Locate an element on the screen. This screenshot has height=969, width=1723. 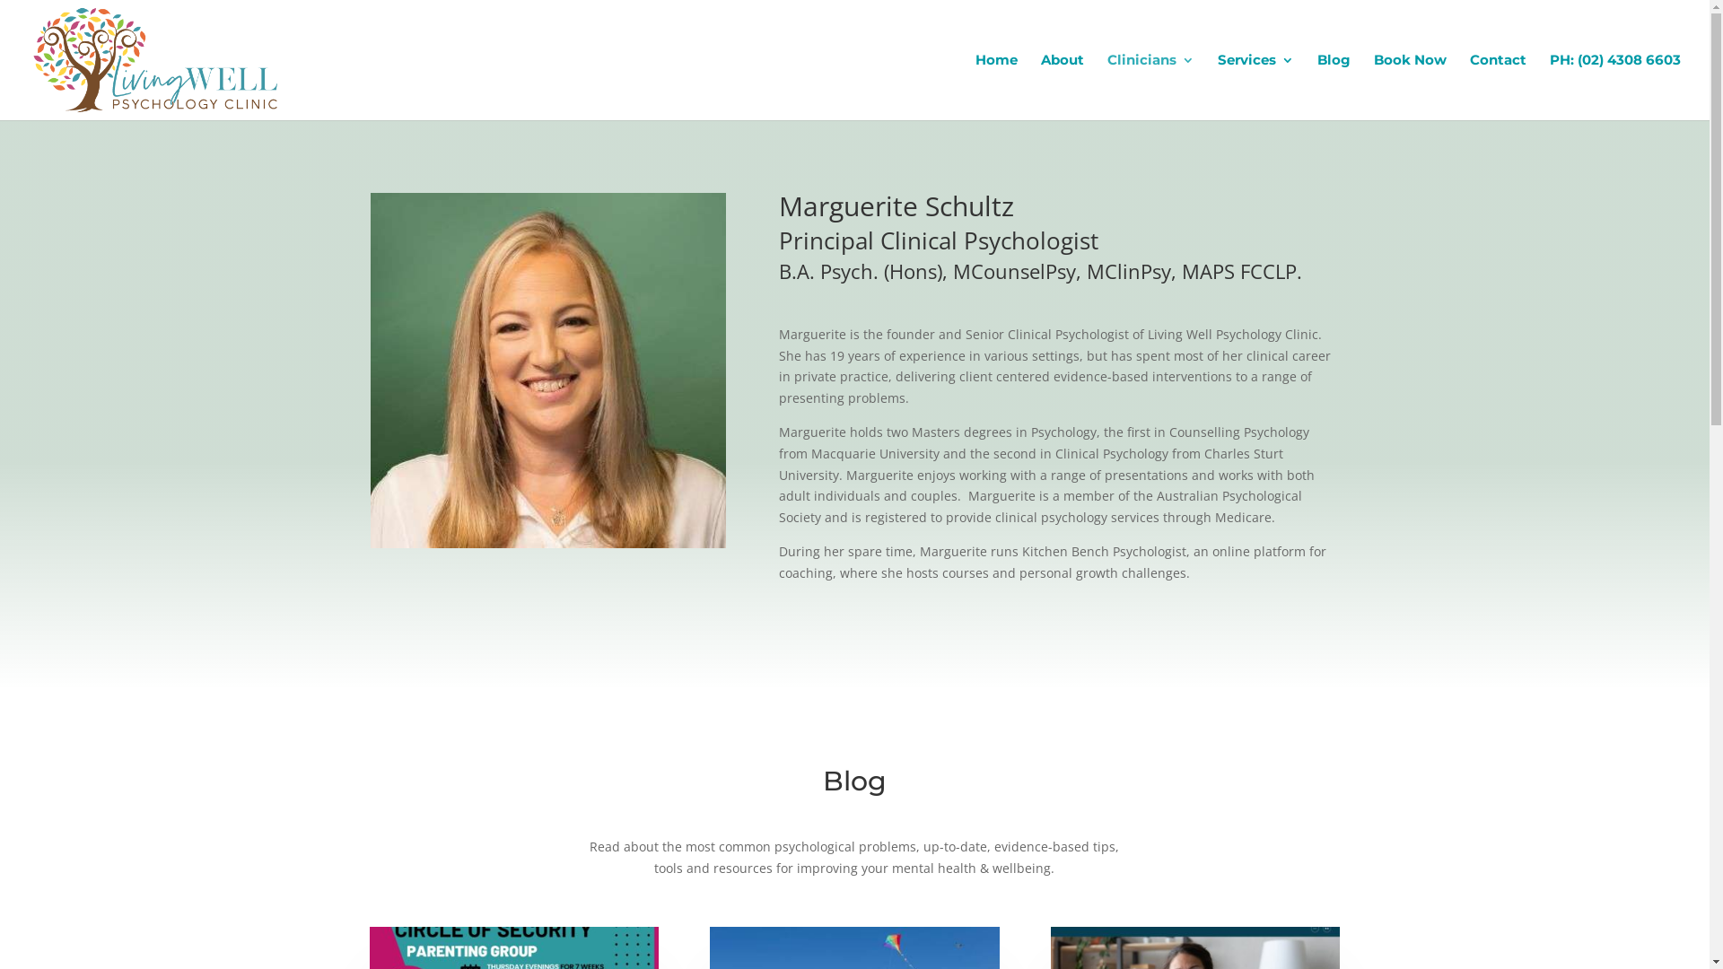
'Contact' is located at coordinates (1498, 86).